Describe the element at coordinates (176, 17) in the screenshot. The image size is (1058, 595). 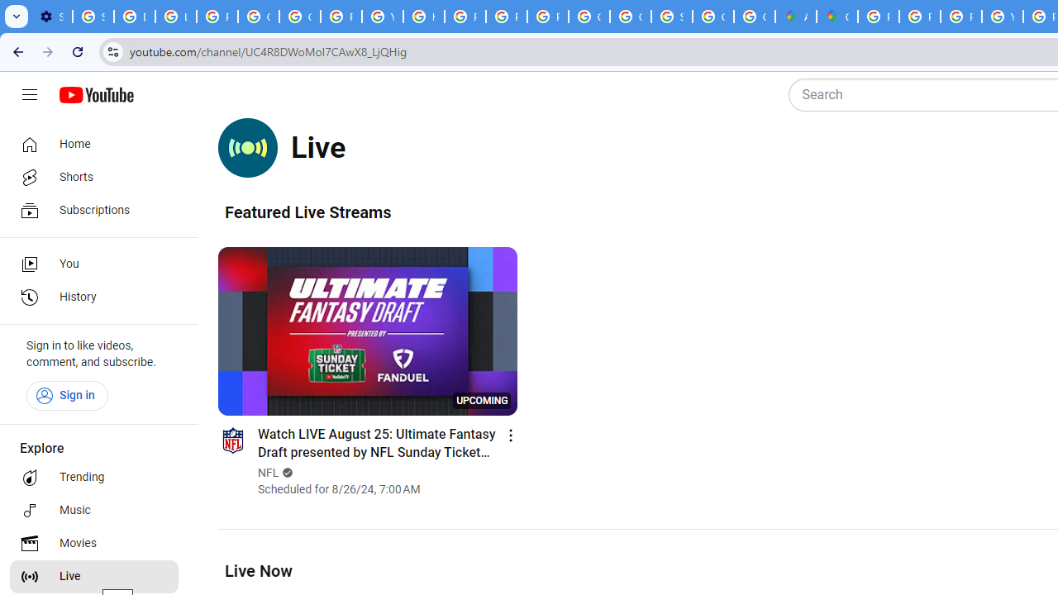
I see `'Learn how to find your photos - Google Photos Help'` at that location.